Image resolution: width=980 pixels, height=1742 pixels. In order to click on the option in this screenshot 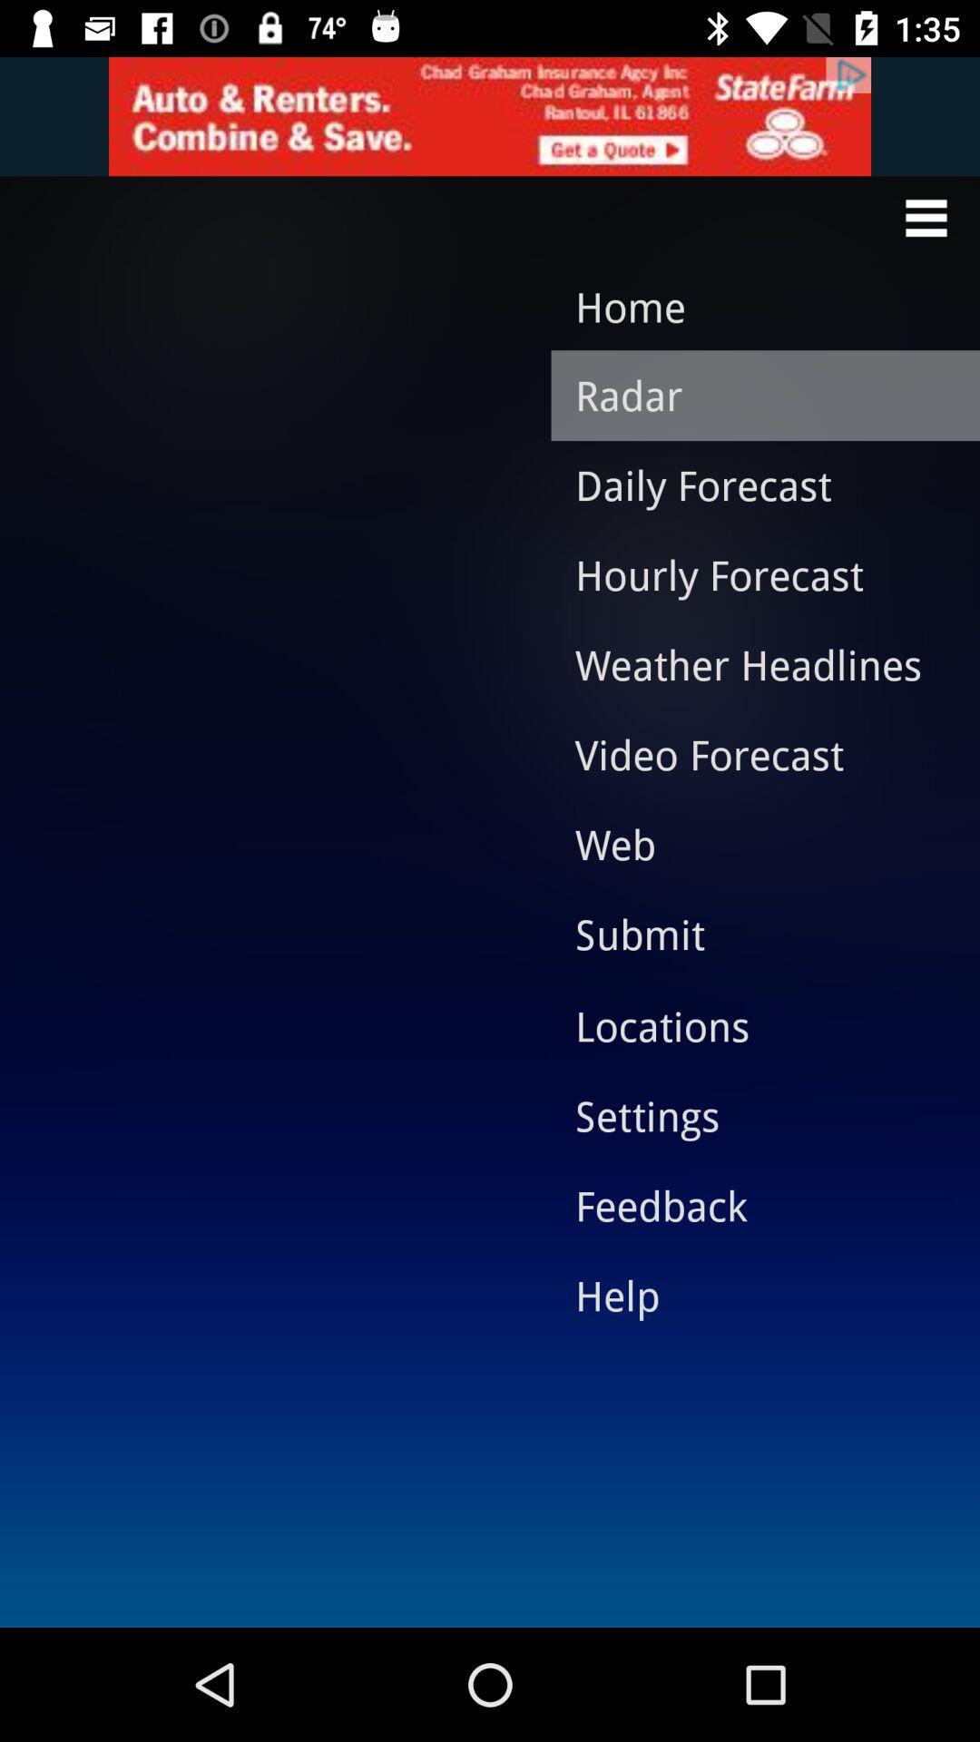, I will do `click(490, 115)`.